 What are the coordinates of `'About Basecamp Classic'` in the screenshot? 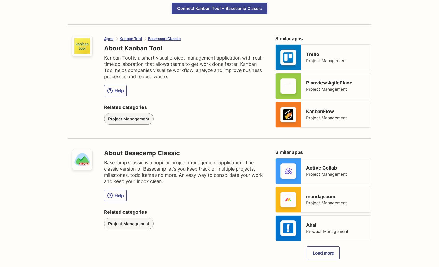 It's located at (104, 153).